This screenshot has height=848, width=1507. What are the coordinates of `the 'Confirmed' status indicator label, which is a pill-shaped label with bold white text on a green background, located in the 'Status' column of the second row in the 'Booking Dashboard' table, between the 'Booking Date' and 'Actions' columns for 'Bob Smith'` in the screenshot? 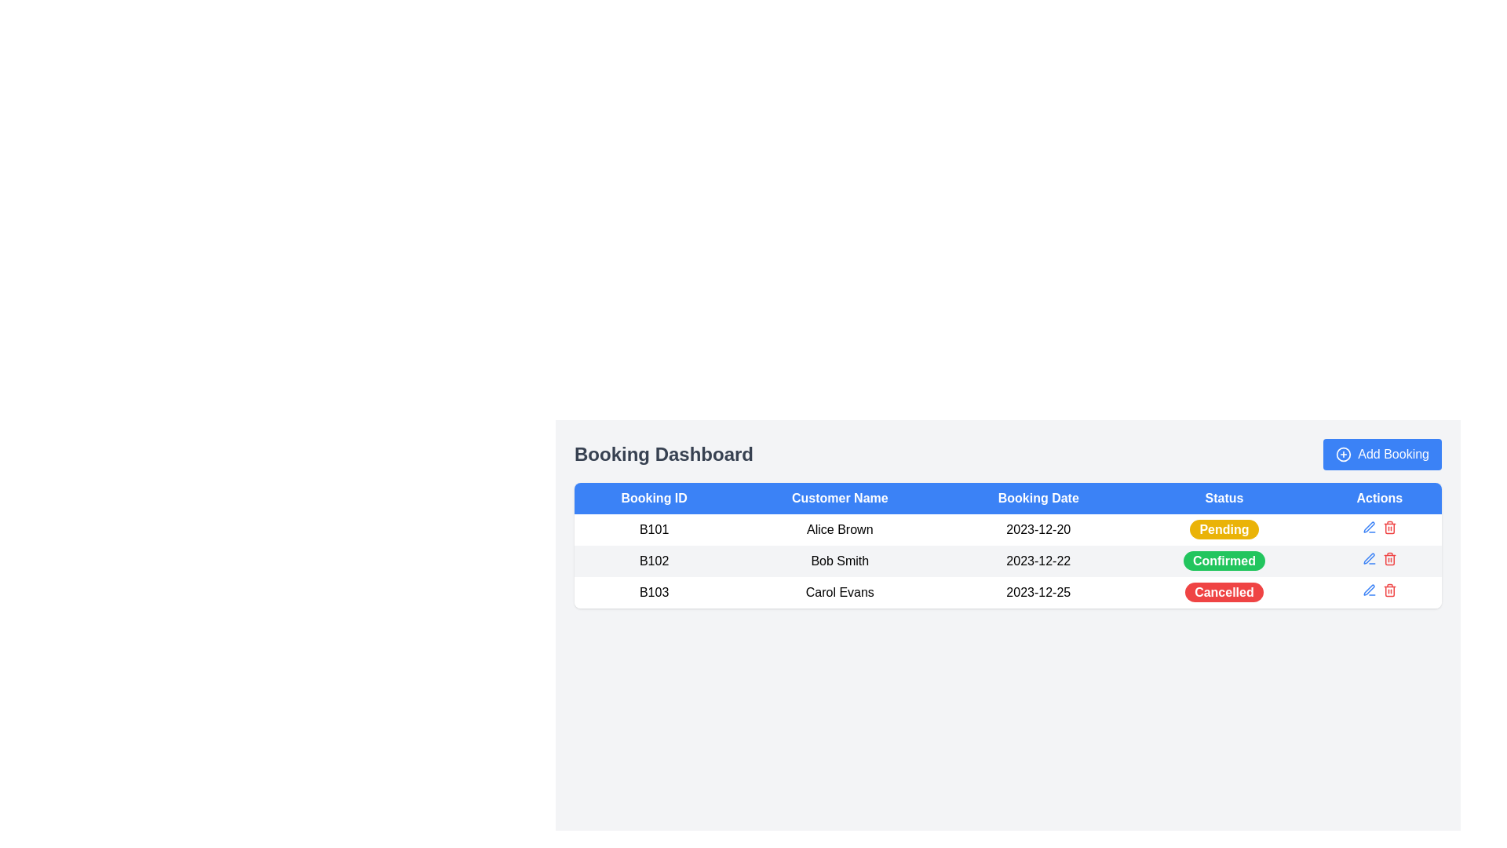 It's located at (1224, 560).